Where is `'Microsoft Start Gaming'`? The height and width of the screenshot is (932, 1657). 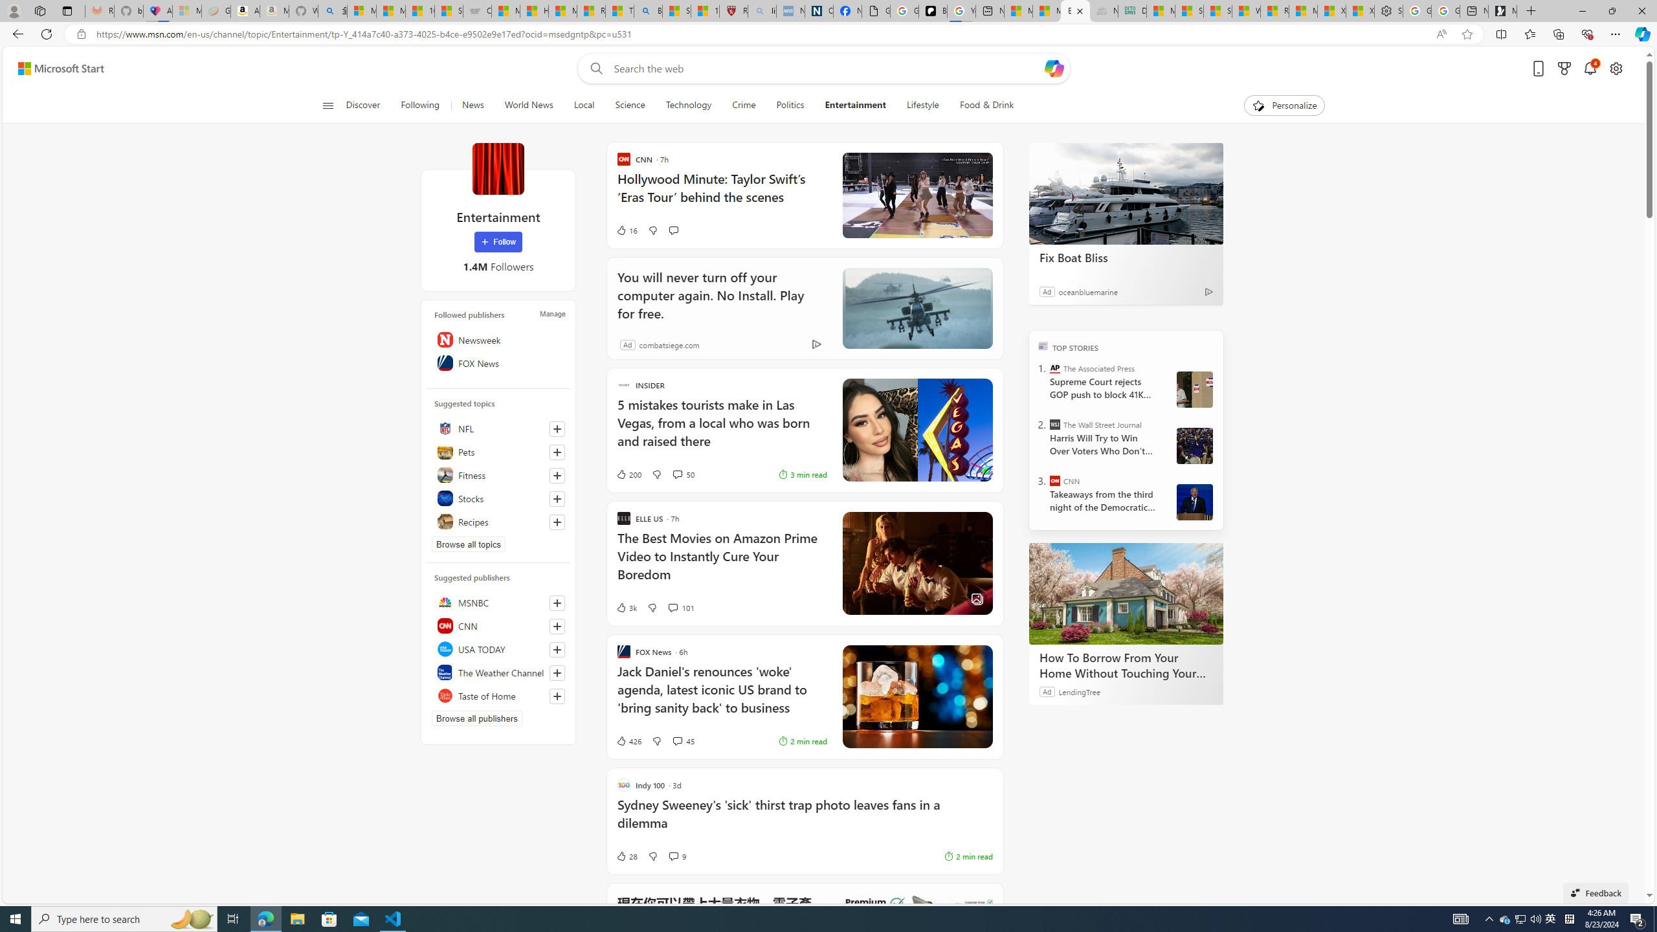 'Microsoft Start Gaming' is located at coordinates (1502, 10).